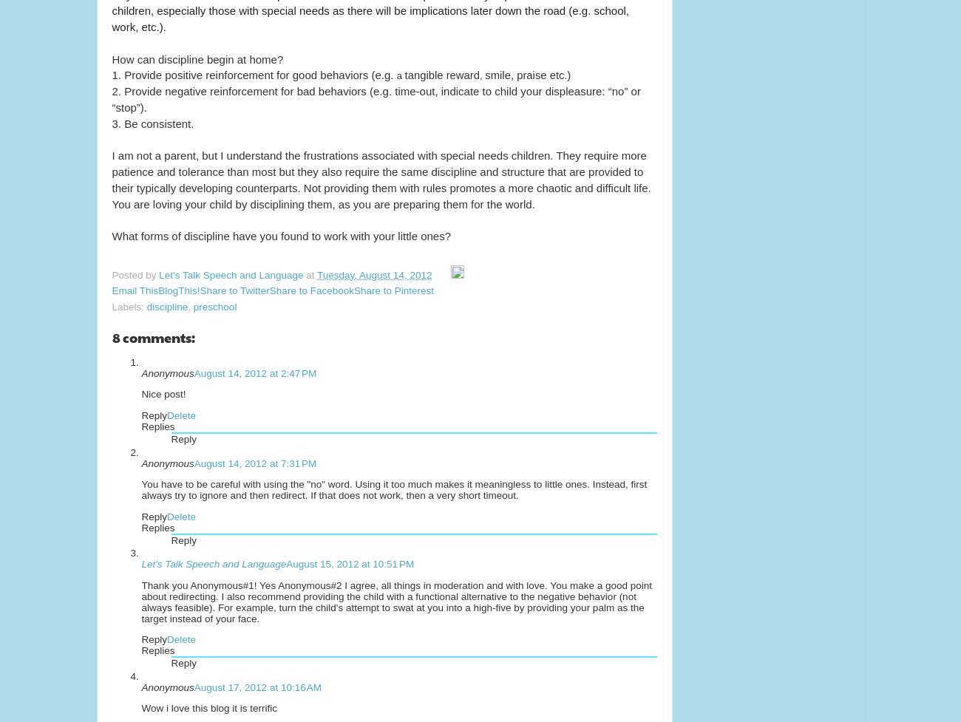 The width and height of the screenshot is (961, 722). Describe the element at coordinates (137, 27) in the screenshot. I see `'etc.).'` at that location.